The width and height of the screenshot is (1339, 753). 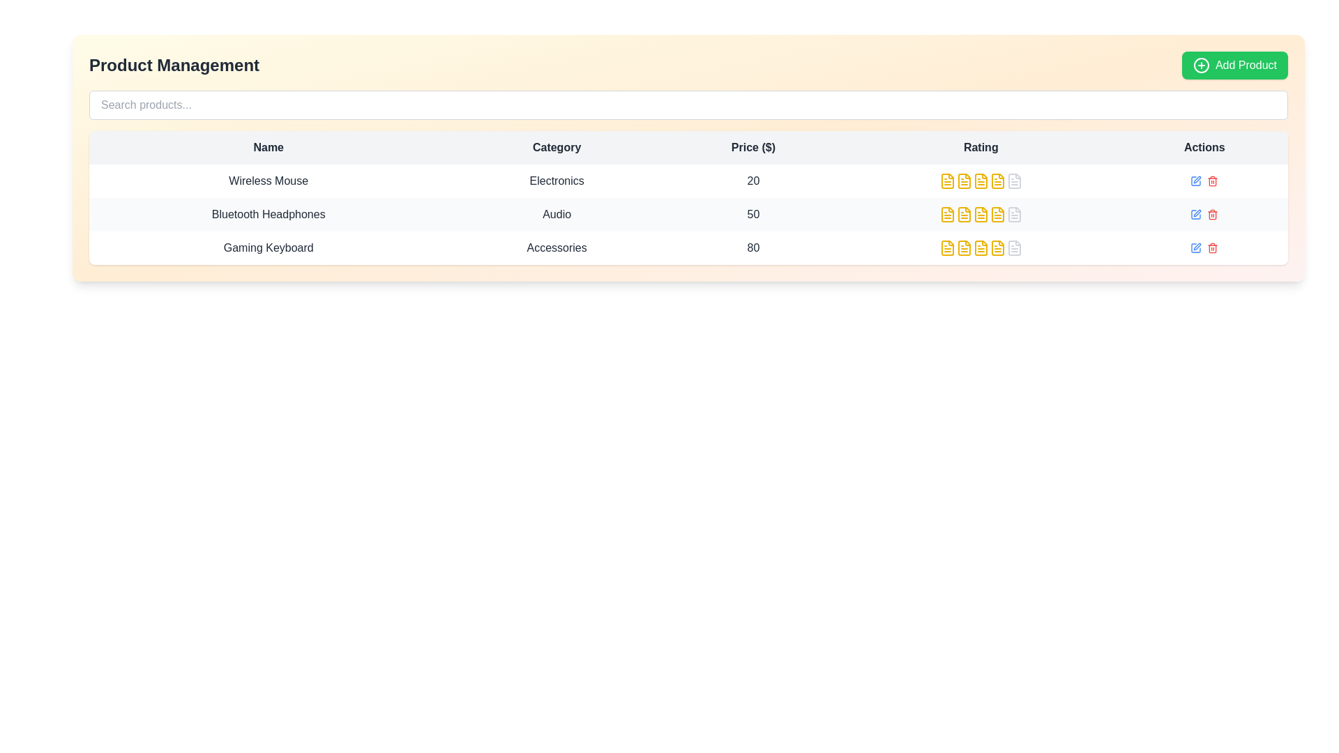 I want to click on the first rating icon in the 'Rating' column for the 'Wireless Mouse' product, so click(x=997, y=180).